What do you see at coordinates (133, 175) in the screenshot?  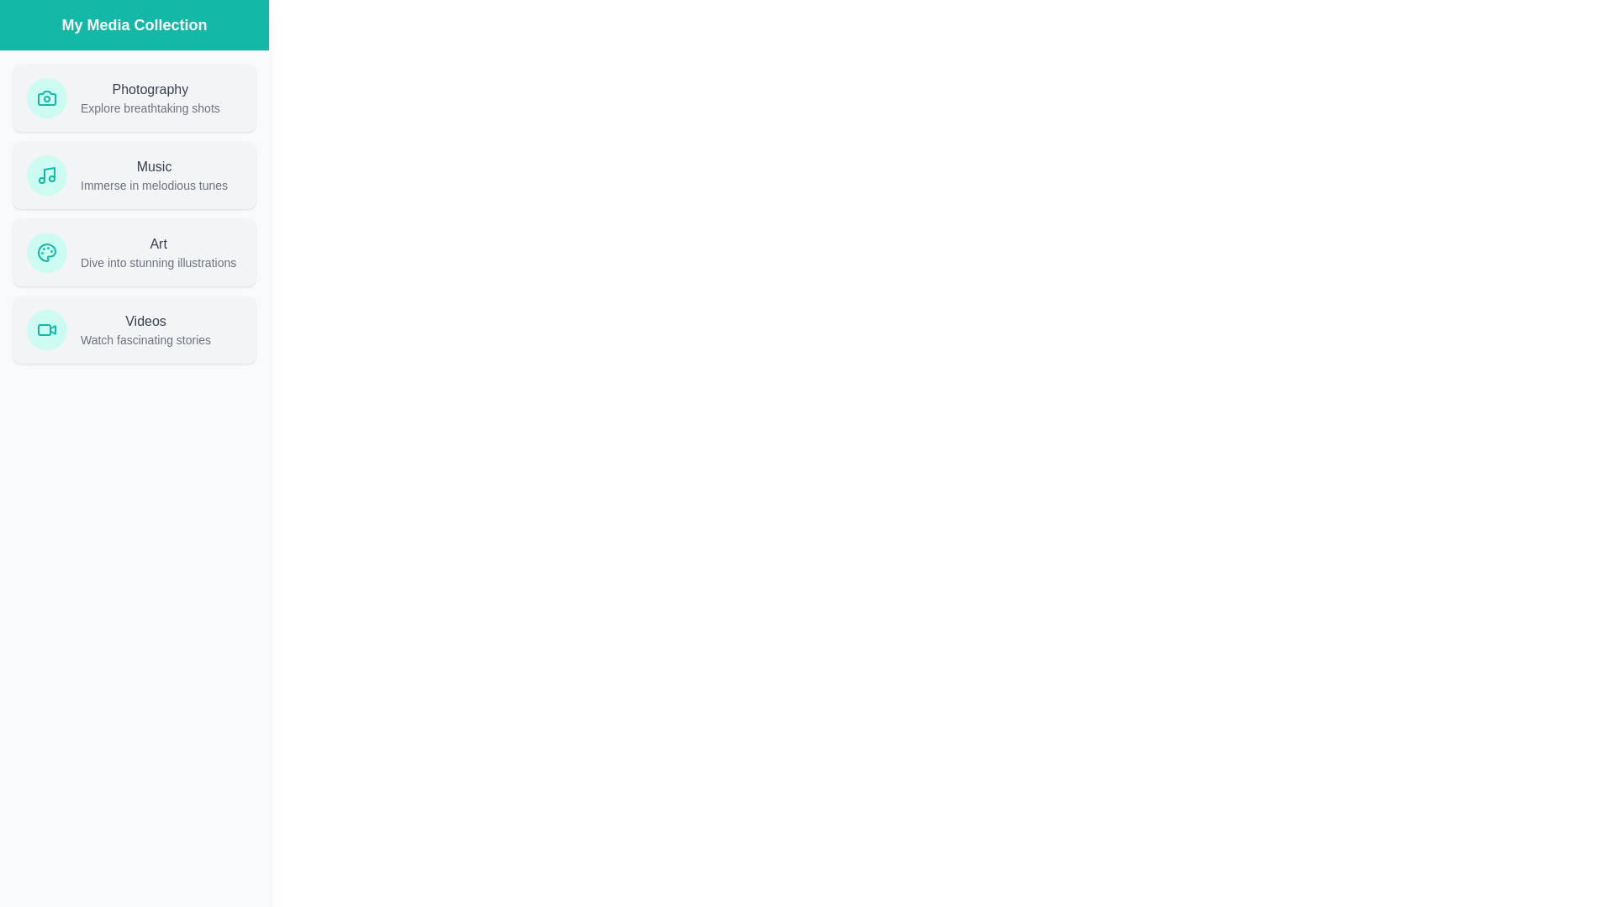 I see `the media item card Music` at bounding box center [133, 175].